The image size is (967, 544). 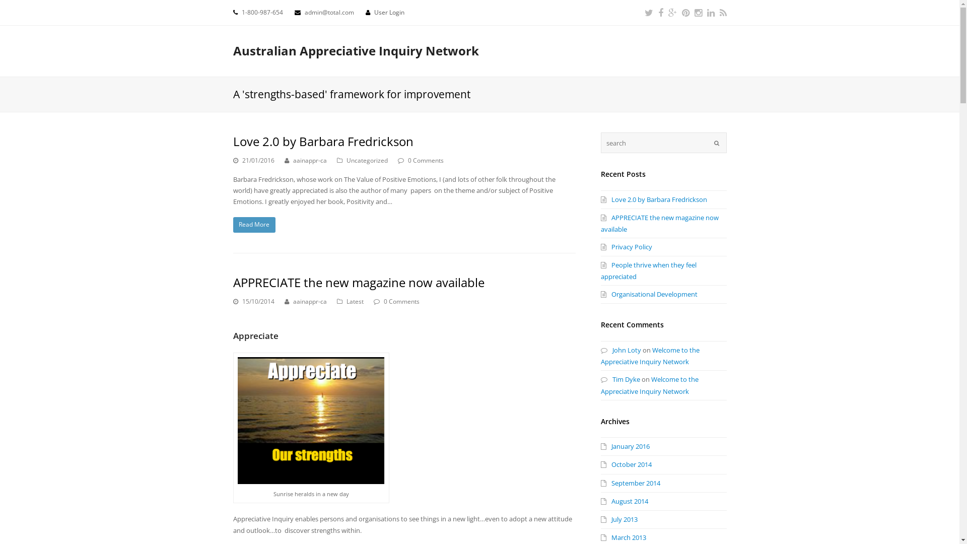 What do you see at coordinates (660, 12) in the screenshot?
I see `'Facebook'` at bounding box center [660, 12].